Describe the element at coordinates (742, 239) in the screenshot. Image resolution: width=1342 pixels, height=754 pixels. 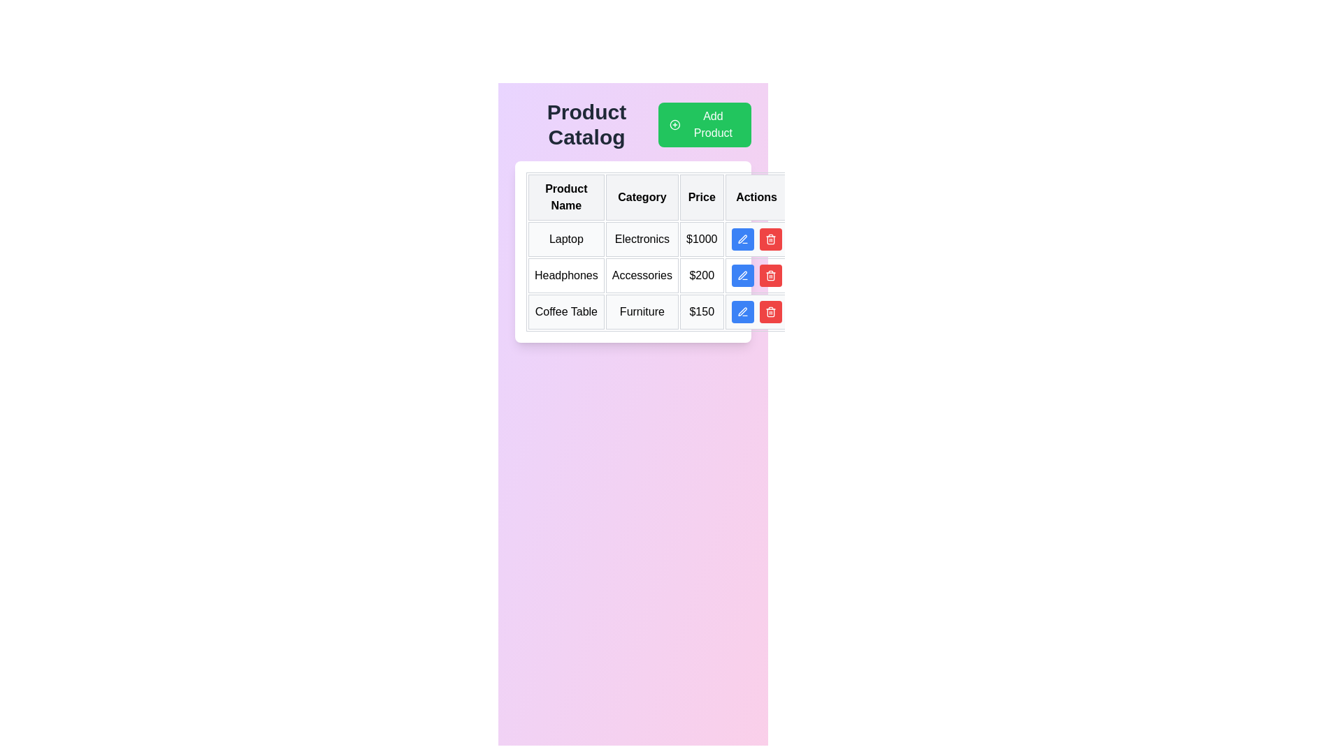
I see `the intense blue rounded rectangular button with a white pen icon located in the 'Actions' column of the first row in the product details table to initiate edit mode` at that location.